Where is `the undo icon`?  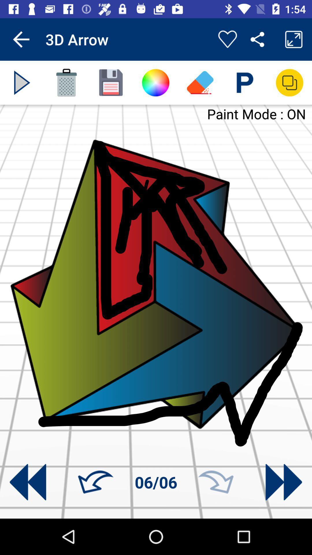 the undo icon is located at coordinates (95, 482).